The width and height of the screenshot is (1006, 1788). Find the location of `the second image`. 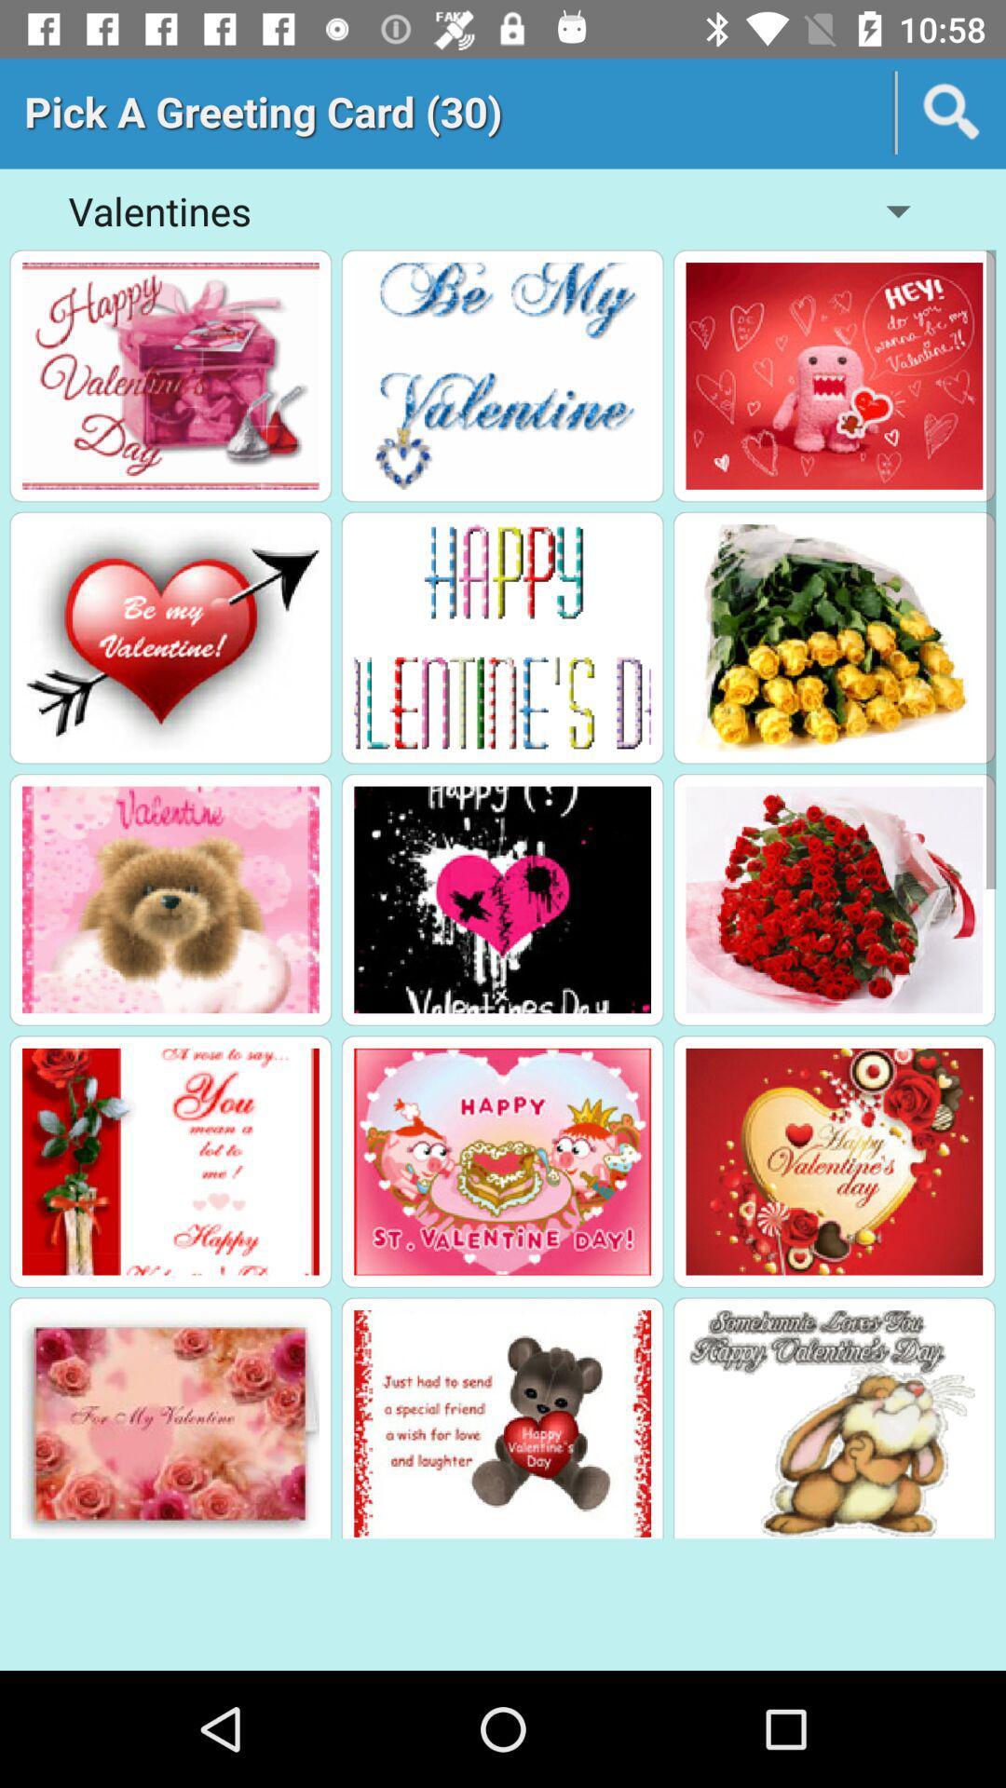

the second image is located at coordinates (501, 374).